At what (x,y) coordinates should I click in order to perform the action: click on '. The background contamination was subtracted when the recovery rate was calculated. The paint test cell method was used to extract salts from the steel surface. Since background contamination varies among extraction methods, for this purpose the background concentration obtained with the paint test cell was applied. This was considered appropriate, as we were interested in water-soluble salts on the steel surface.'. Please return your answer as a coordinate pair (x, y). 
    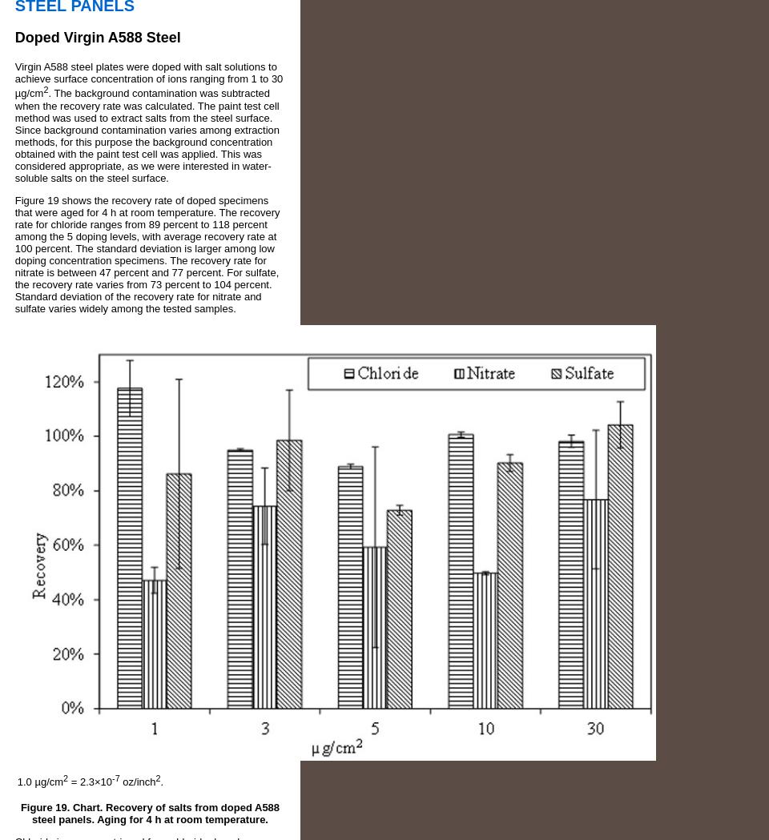
    Looking at the image, I should click on (147, 134).